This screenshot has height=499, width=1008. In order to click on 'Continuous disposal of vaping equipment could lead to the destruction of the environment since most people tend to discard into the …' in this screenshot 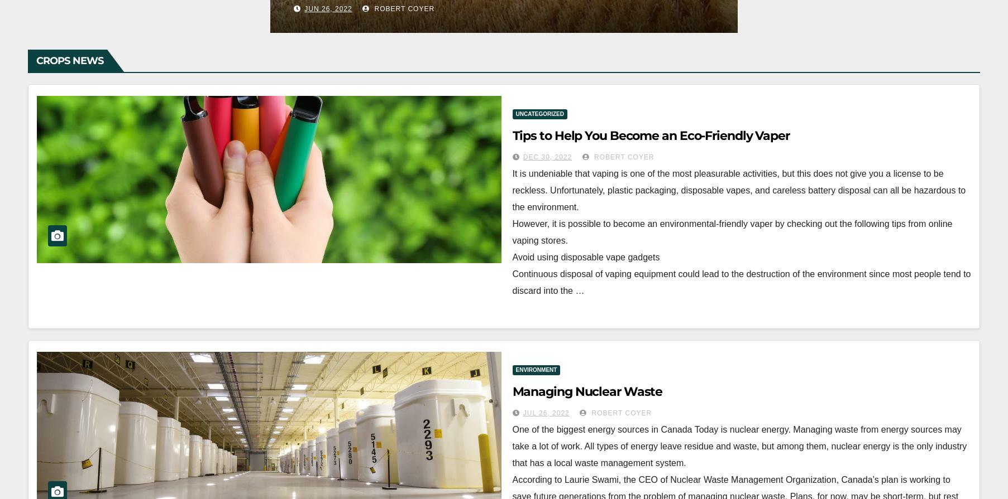, I will do `click(512, 281)`.